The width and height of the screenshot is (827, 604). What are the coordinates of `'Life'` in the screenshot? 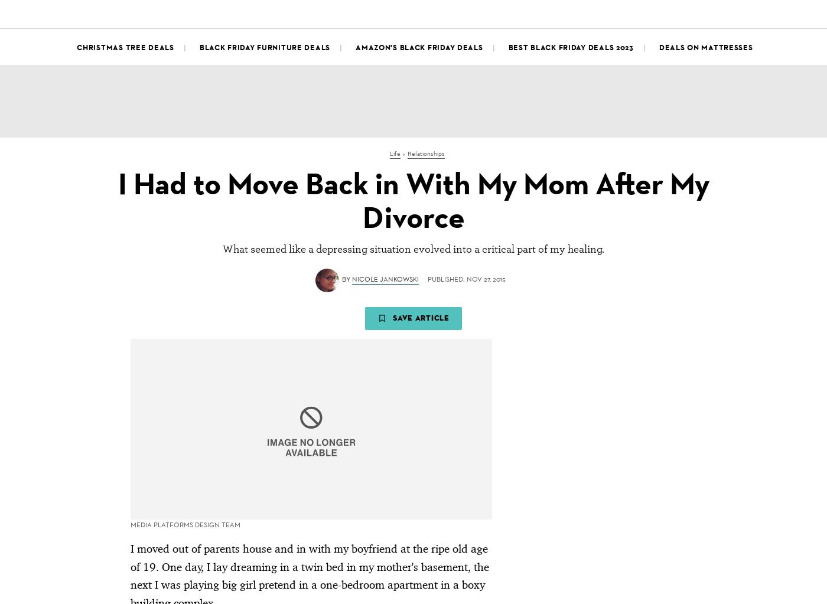 It's located at (314, 12).